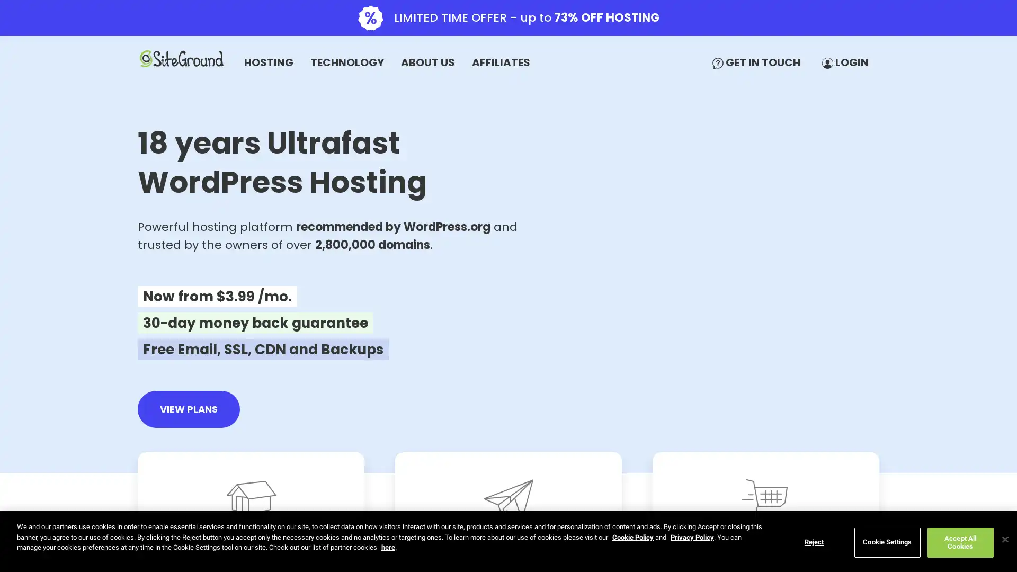 This screenshot has width=1017, height=572. What do you see at coordinates (887, 542) in the screenshot?
I see `Cookie Settings` at bounding box center [887, 542].